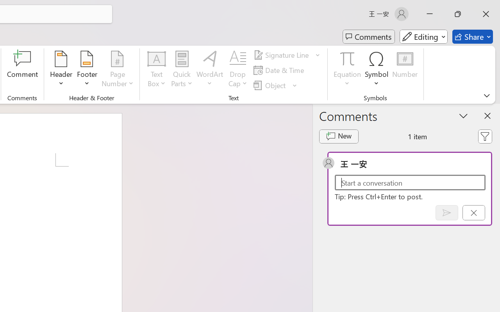 This screenshot has height=312, width=500. What do you see at coordinates (286, 55) in the screenshot?
I see `'Signature Line'` at bounding box center [286, 55].